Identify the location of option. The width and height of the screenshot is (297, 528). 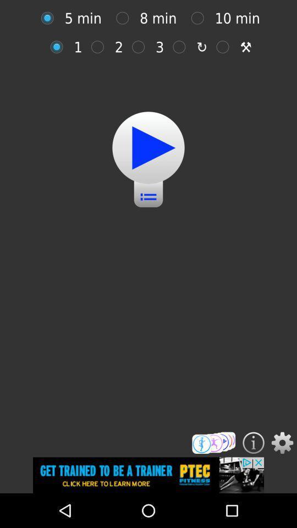
(100, 47).